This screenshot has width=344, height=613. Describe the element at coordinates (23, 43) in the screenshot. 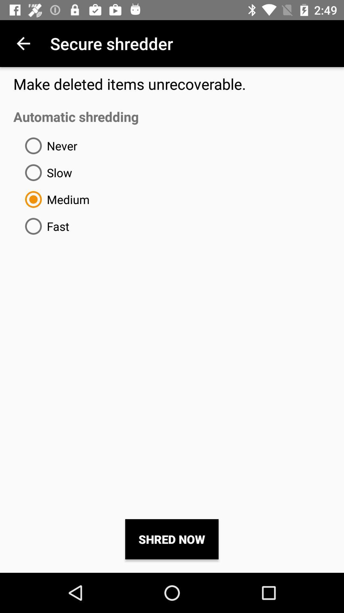

I see `the icon next to the secure shredder` at that location.